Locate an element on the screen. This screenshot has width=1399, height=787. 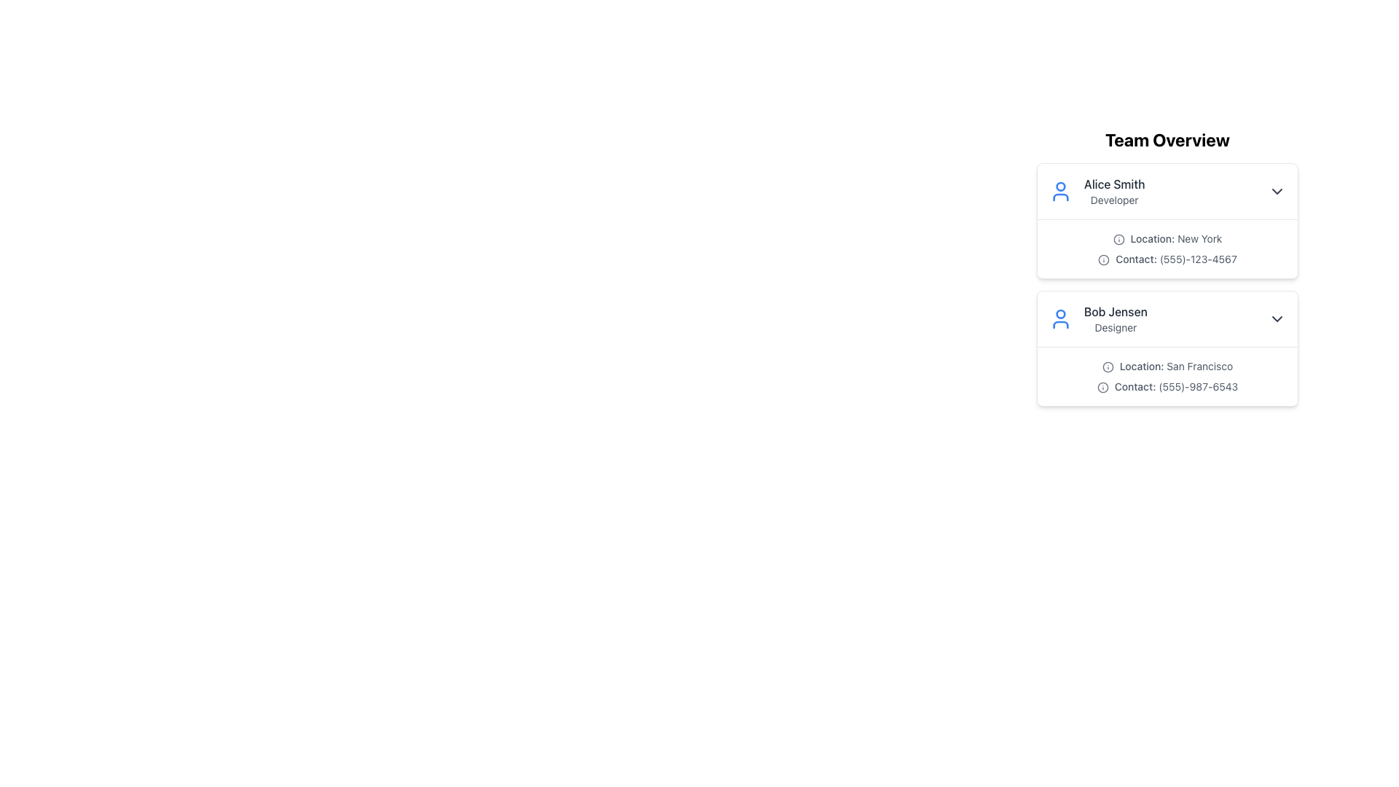
the label element indicating the context for Alice Smith's contact information, which precedes the phone number (555)-123-4567 is located at coordinates (1135, 258).